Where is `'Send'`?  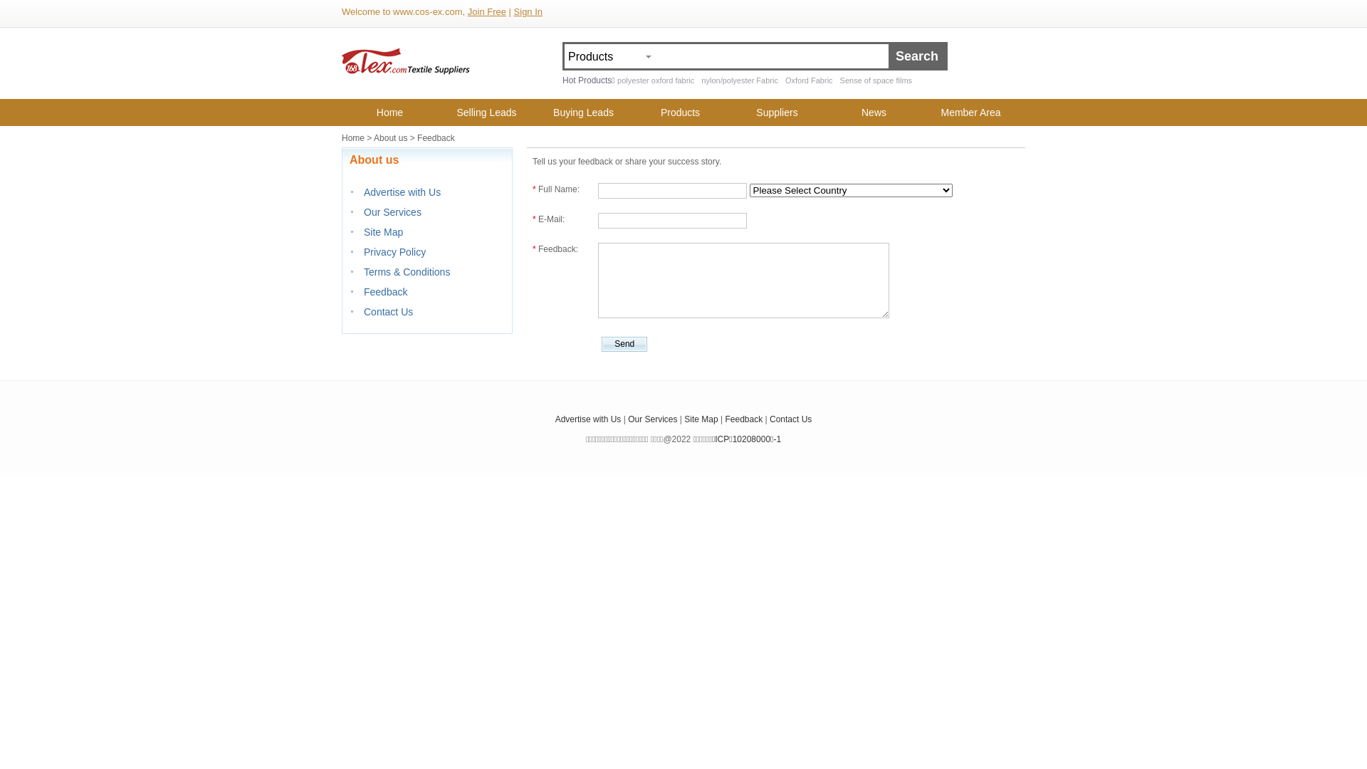 'Send' is located at coordinates (624, 344).